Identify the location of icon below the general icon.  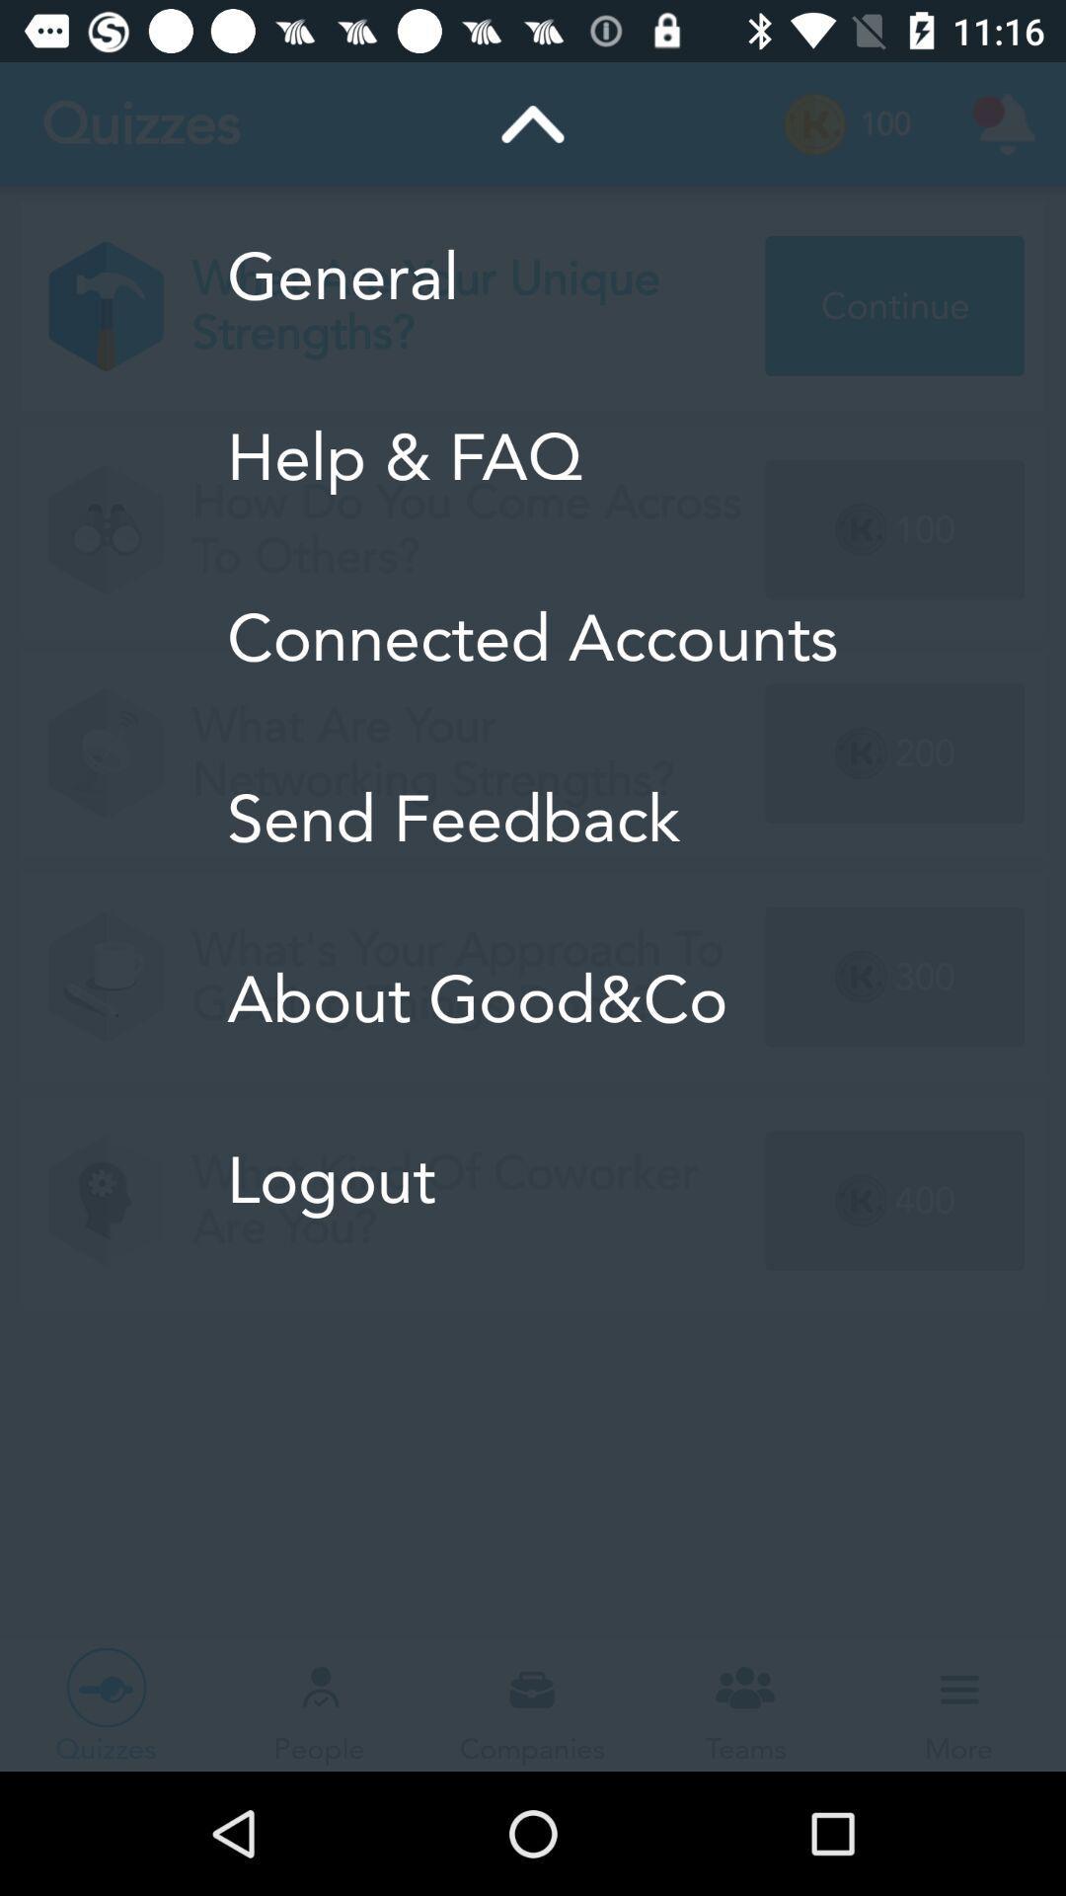
(531, 456).